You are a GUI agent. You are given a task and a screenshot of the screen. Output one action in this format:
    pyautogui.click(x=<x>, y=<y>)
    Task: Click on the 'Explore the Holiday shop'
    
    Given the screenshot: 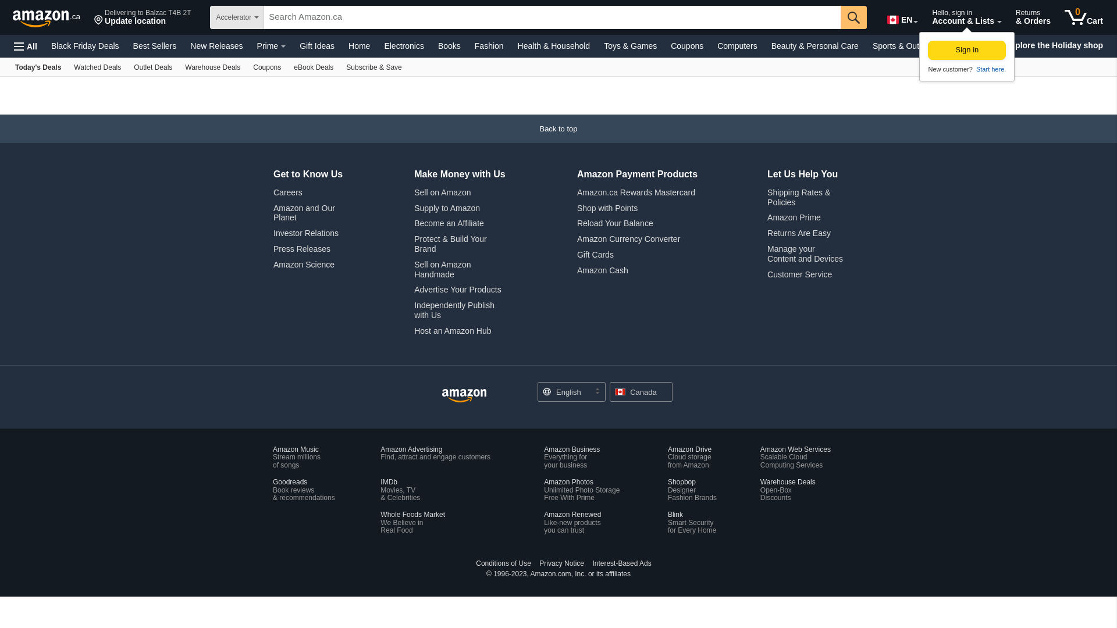 What is the action you would take?
    pyautogui.click(x=999, y=45)
    